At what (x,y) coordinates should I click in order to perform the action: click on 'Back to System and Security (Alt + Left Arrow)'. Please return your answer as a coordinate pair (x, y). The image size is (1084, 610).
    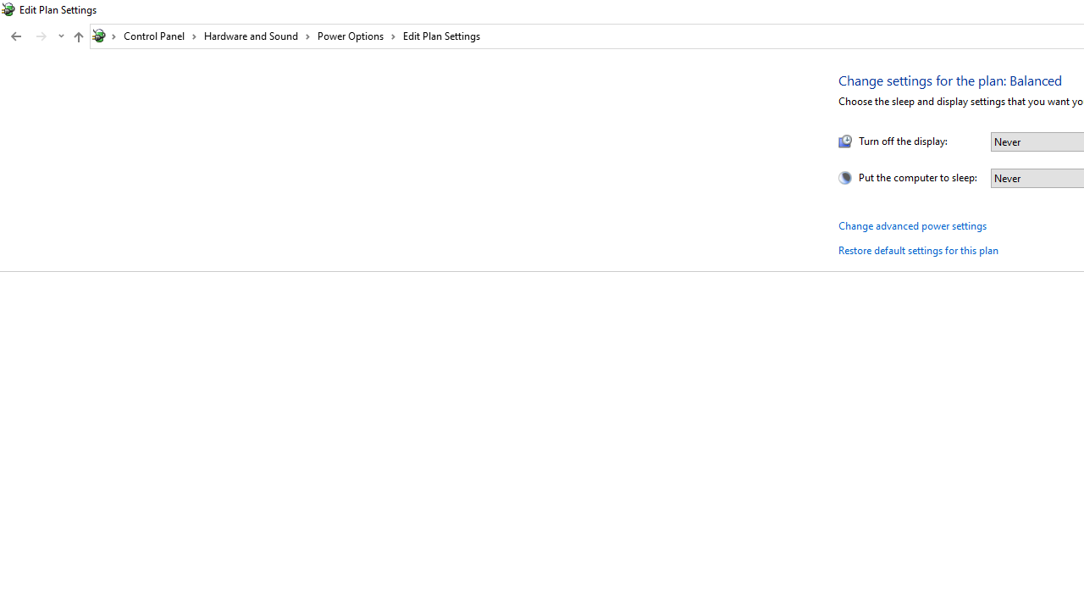
    Looking at the image, I should click on (16, 36).